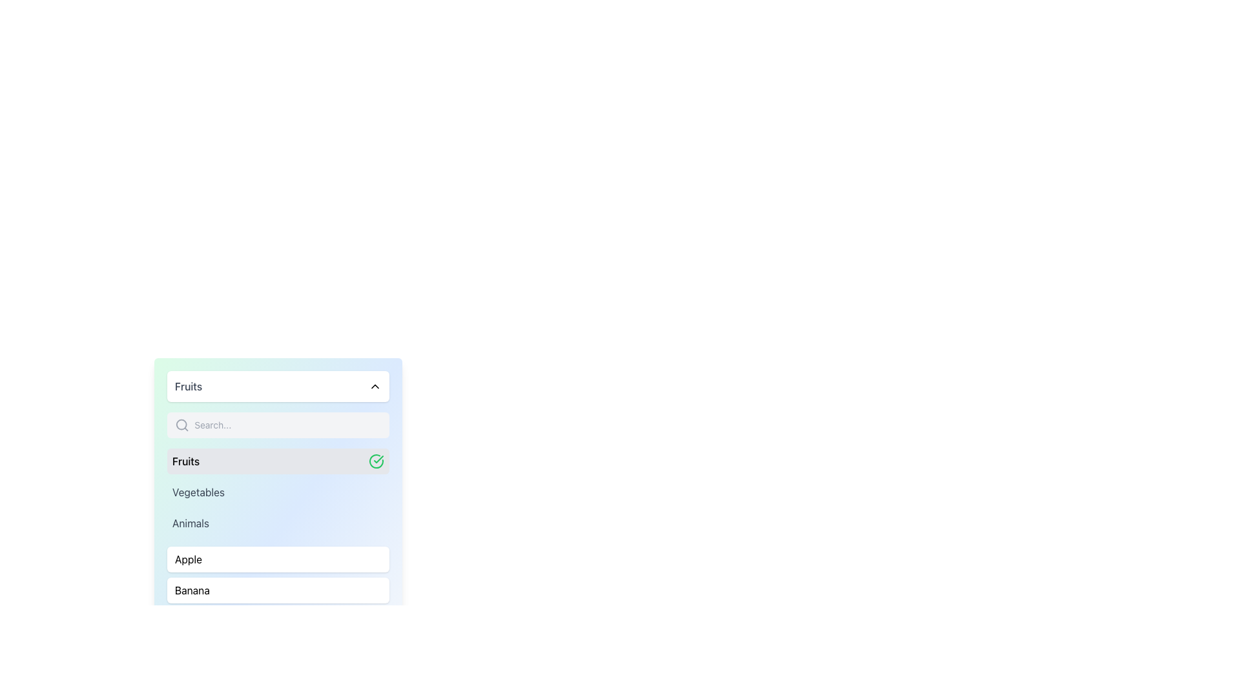 The image size is (1240, 697). What do you see at coordinates (278, 523) in the screenshot?
I see `the button labeled 'Animals' located at the bottom of the list of options including 'Fruits' and 'Vegetables'` at bounding box center [278, 523].